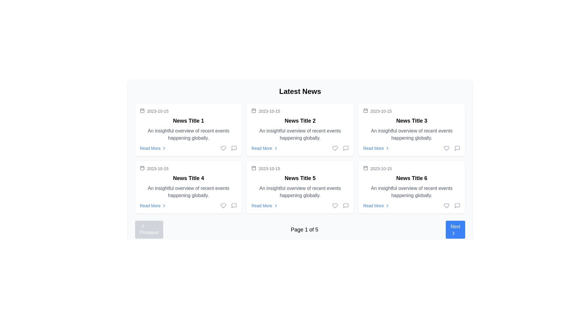  Describe the element at coordinates (164, 148) in the screenshot. I see `the rightward-pointing chevron icon that indicates the 'Read More' link` at that location.